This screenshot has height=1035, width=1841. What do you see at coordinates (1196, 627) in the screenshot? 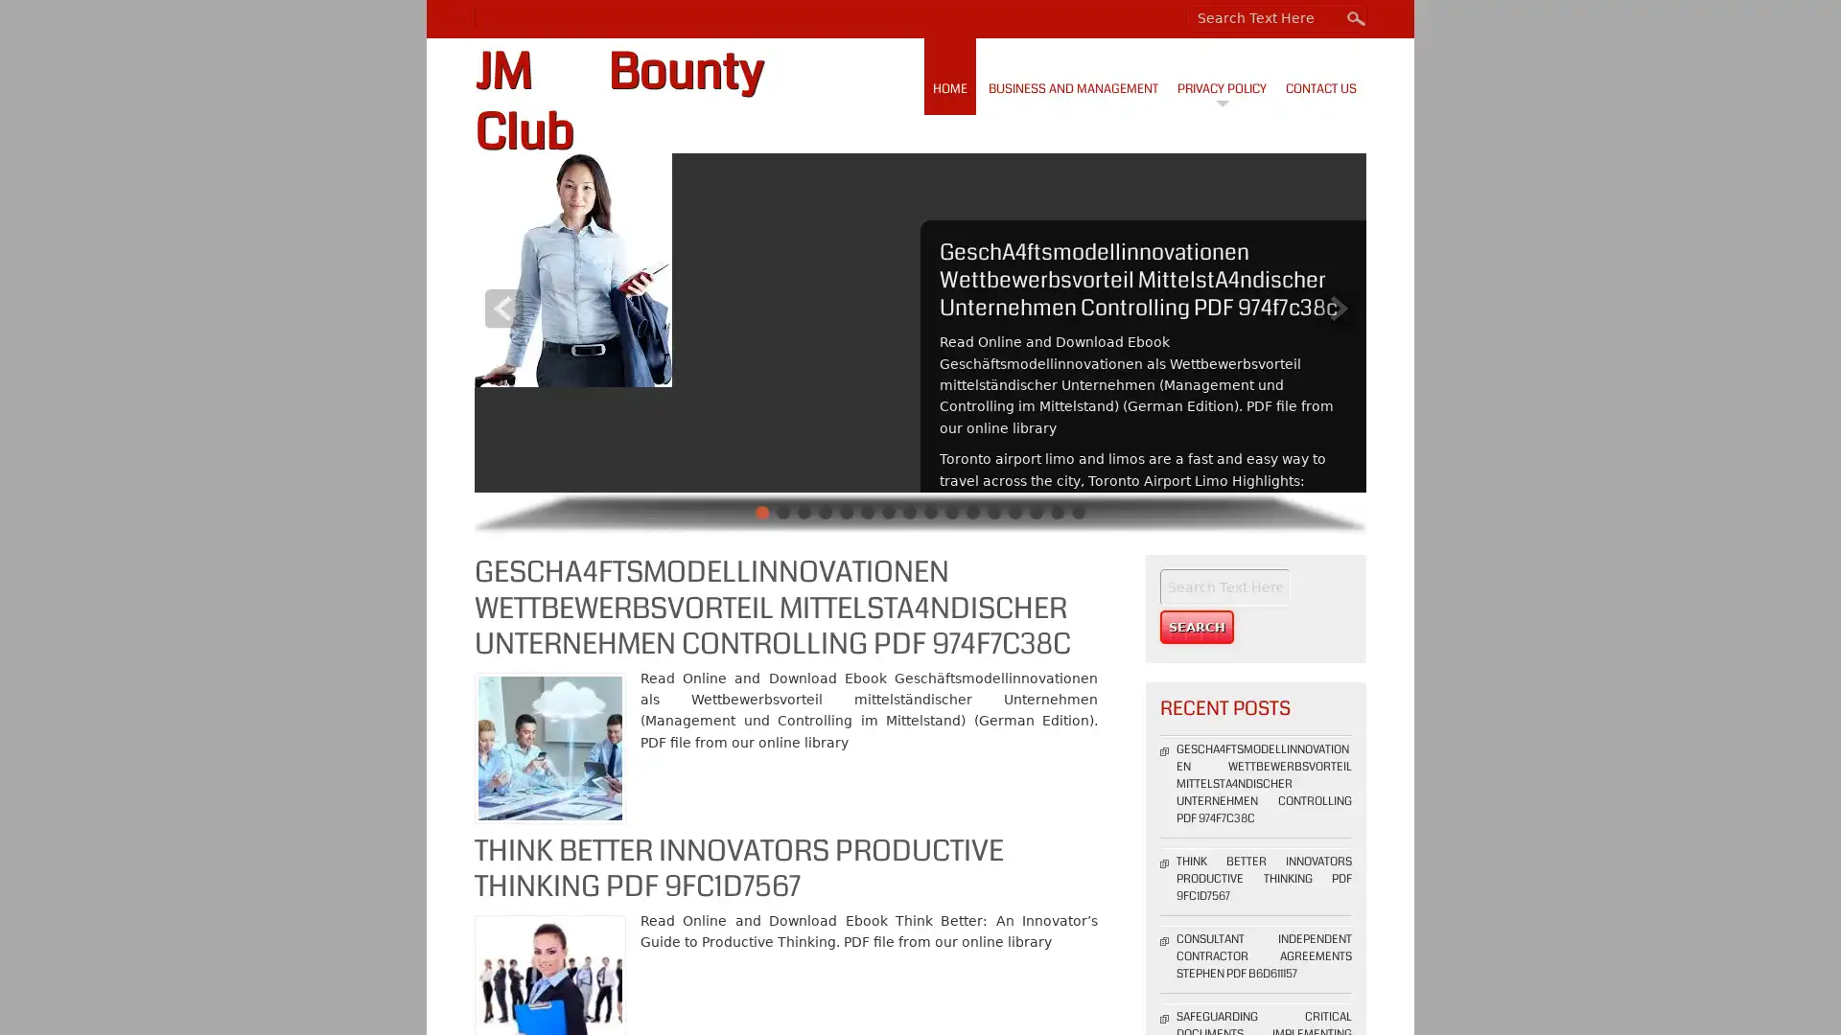
I see `Search` at bounding box center [1196, 627].